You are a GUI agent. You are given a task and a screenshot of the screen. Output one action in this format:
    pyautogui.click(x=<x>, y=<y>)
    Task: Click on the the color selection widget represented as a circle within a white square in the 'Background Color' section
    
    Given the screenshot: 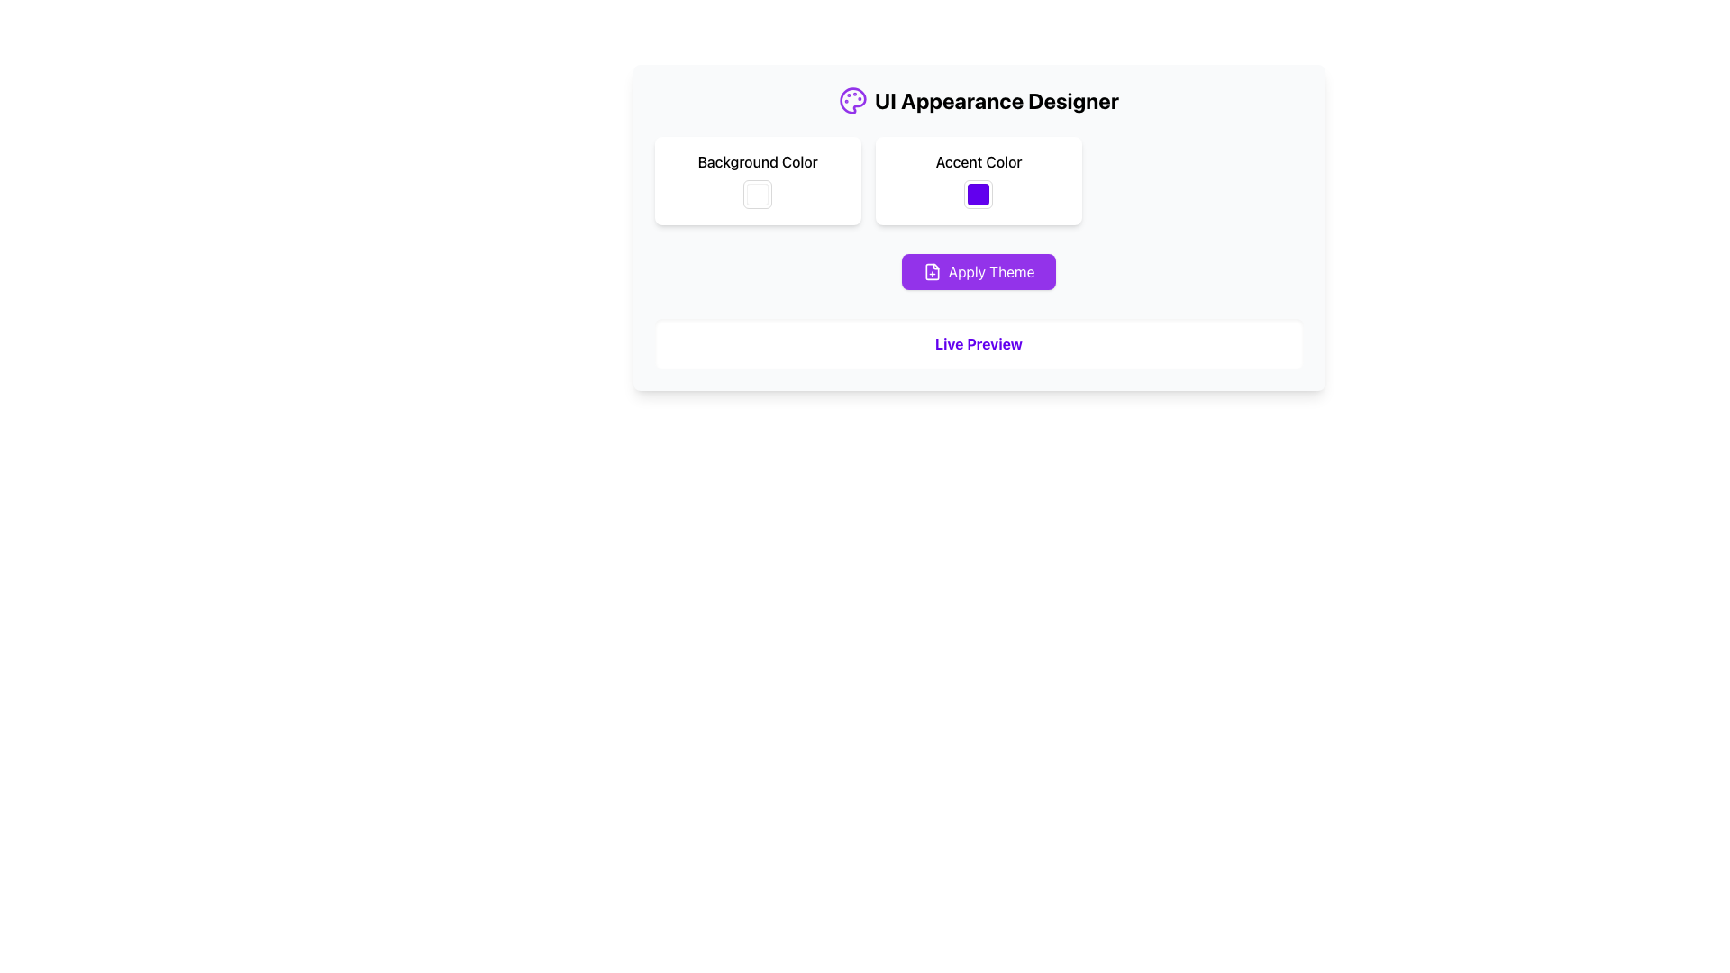 What is the action you would take?
    pyautogui.click(x=758, y=195)
    